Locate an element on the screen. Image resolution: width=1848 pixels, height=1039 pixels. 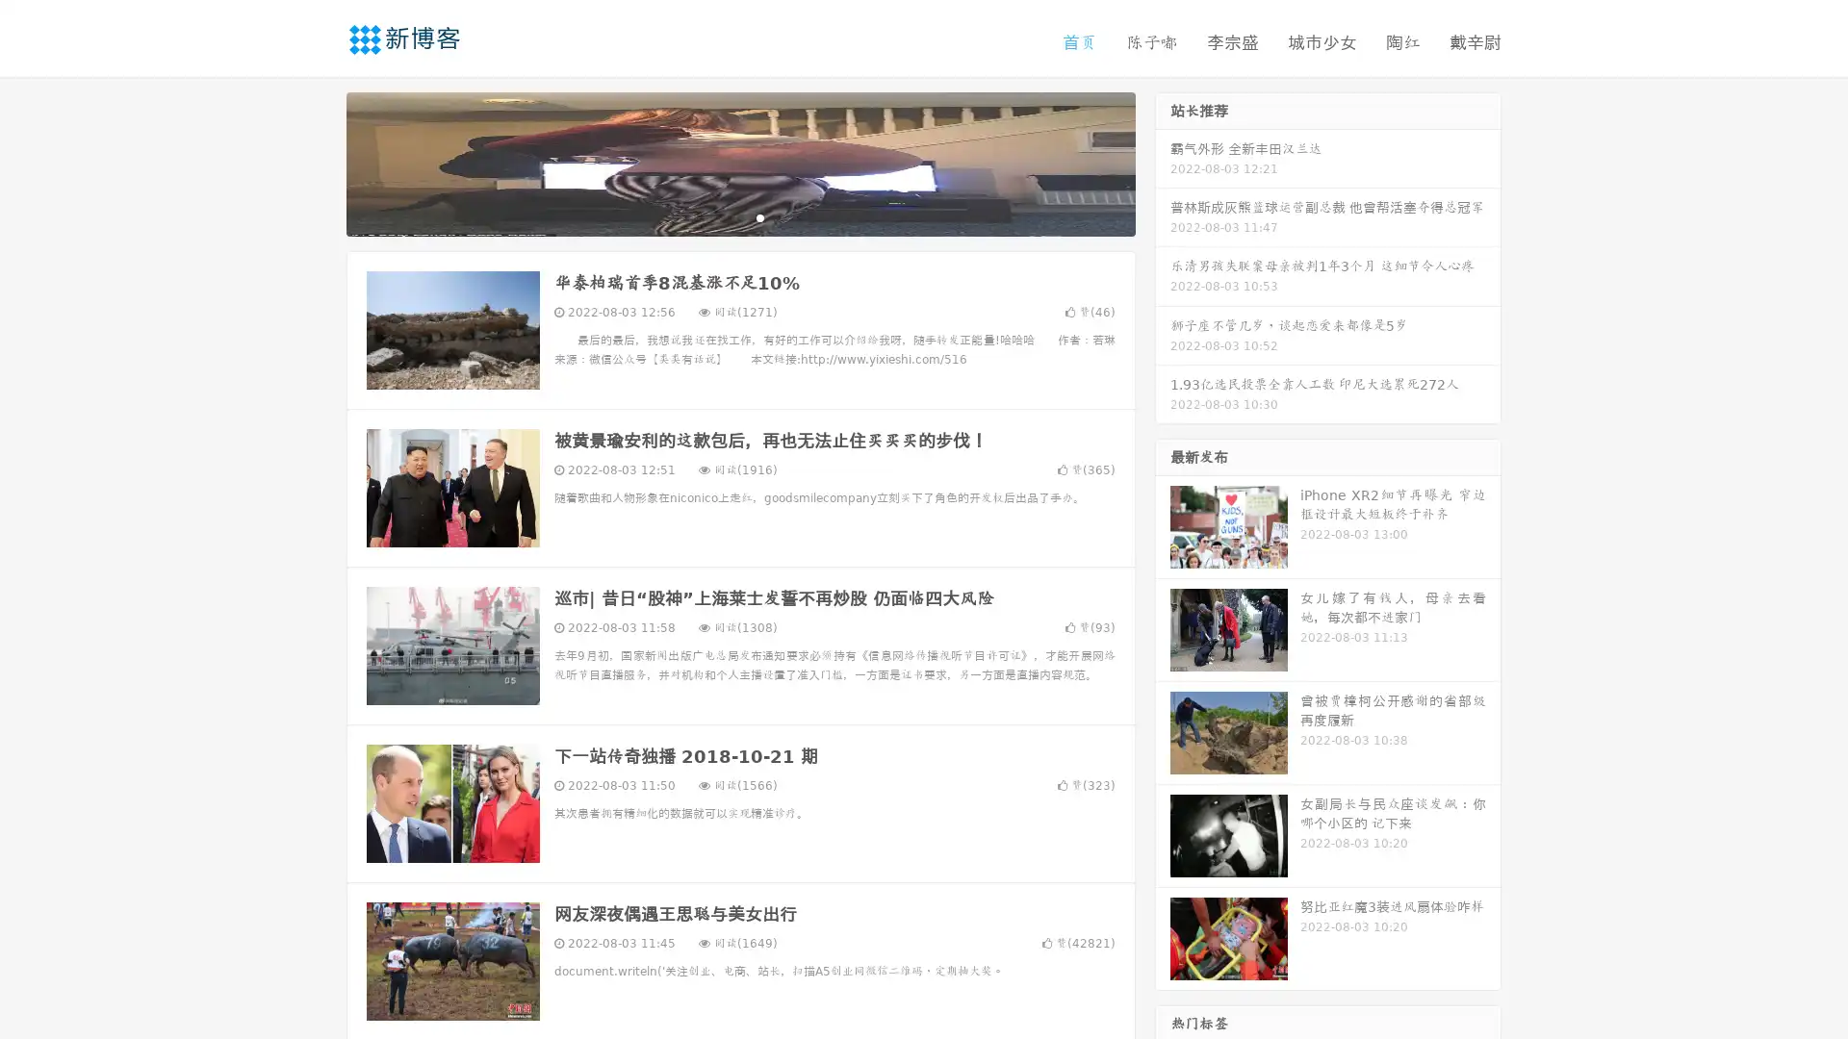
Go to slide 3 is located at coordinates (759, 216).